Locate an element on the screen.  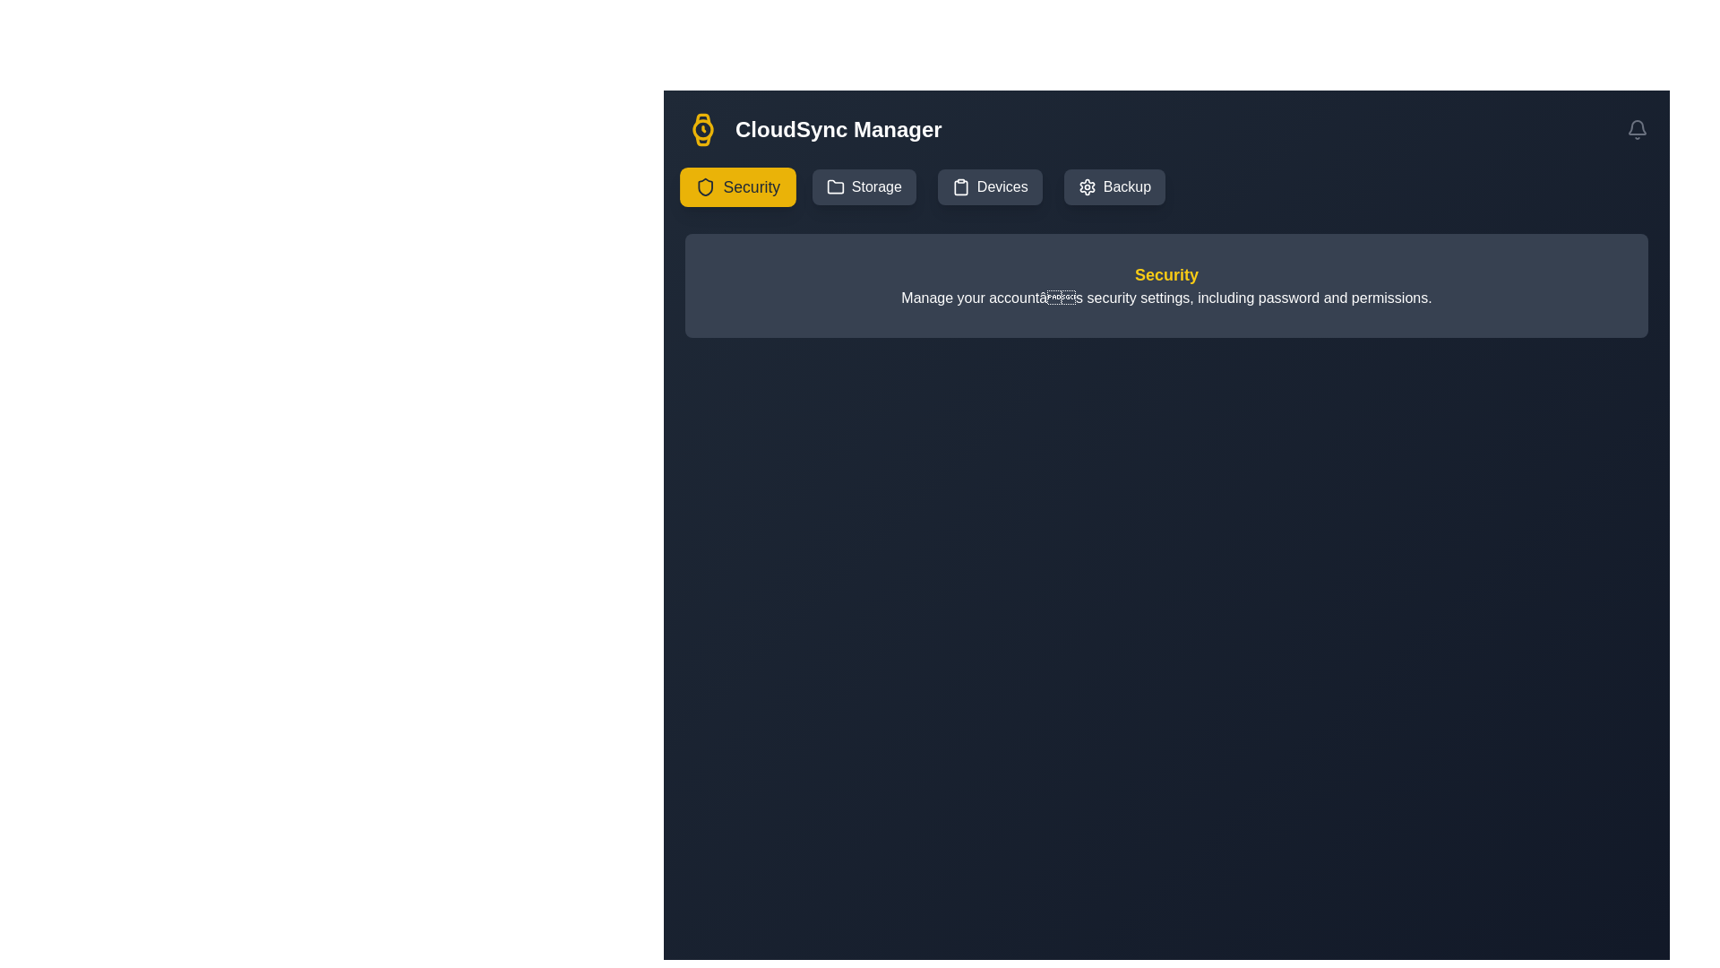
the 'Storage' icon located in the navigation bar is located at coordinates (834, 186).